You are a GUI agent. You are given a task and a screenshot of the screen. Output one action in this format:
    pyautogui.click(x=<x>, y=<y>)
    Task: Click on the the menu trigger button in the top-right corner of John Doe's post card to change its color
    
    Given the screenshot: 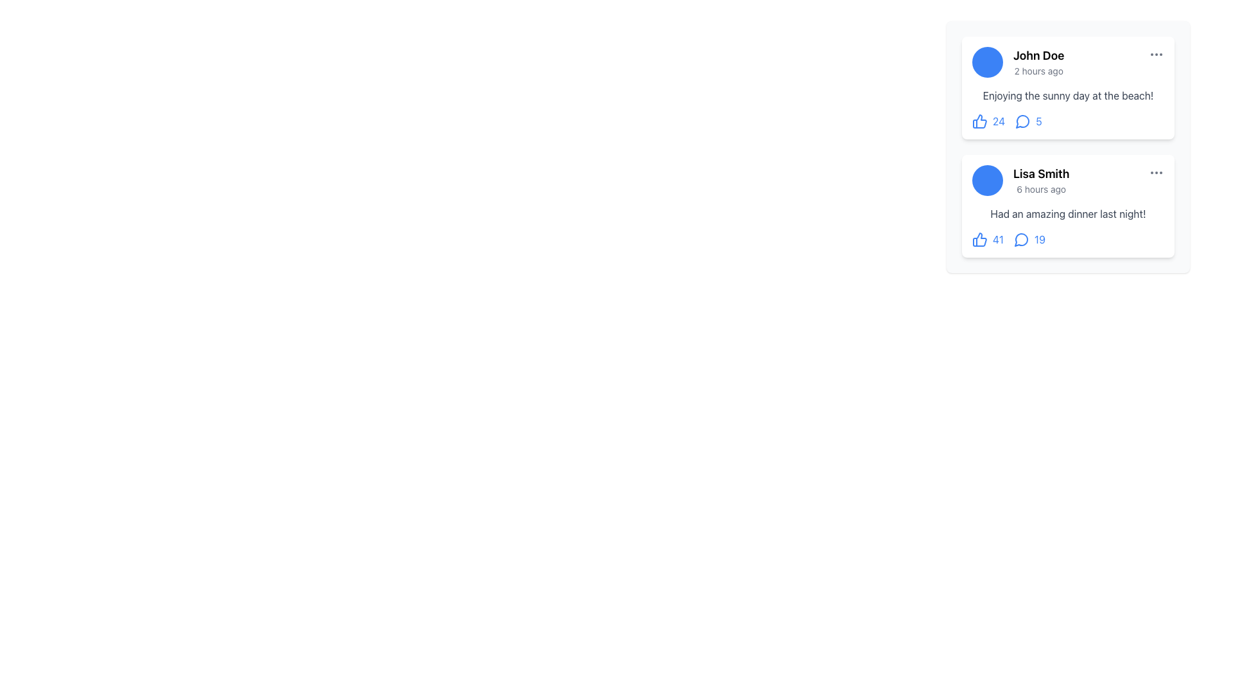 What is the action you would take?
    pyautogui.click(x=1156, y=53)
    